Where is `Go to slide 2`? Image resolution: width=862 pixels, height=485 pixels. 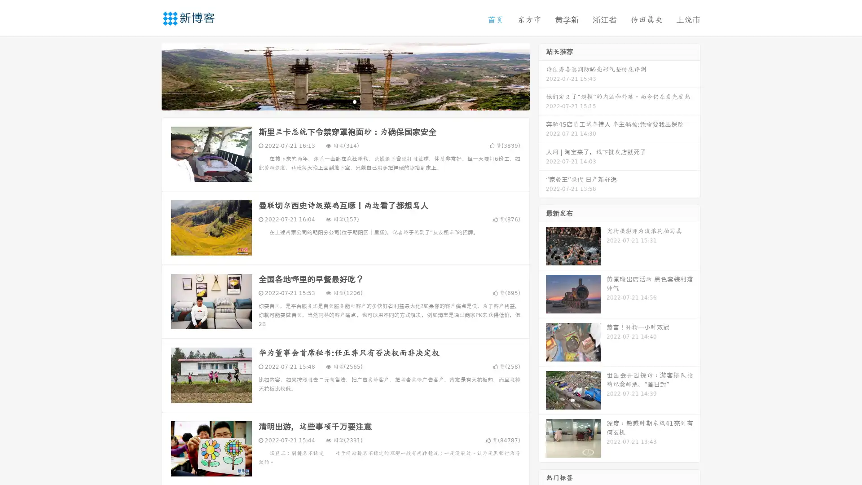
Go to slide 2 is located at coordinates (345, 101).